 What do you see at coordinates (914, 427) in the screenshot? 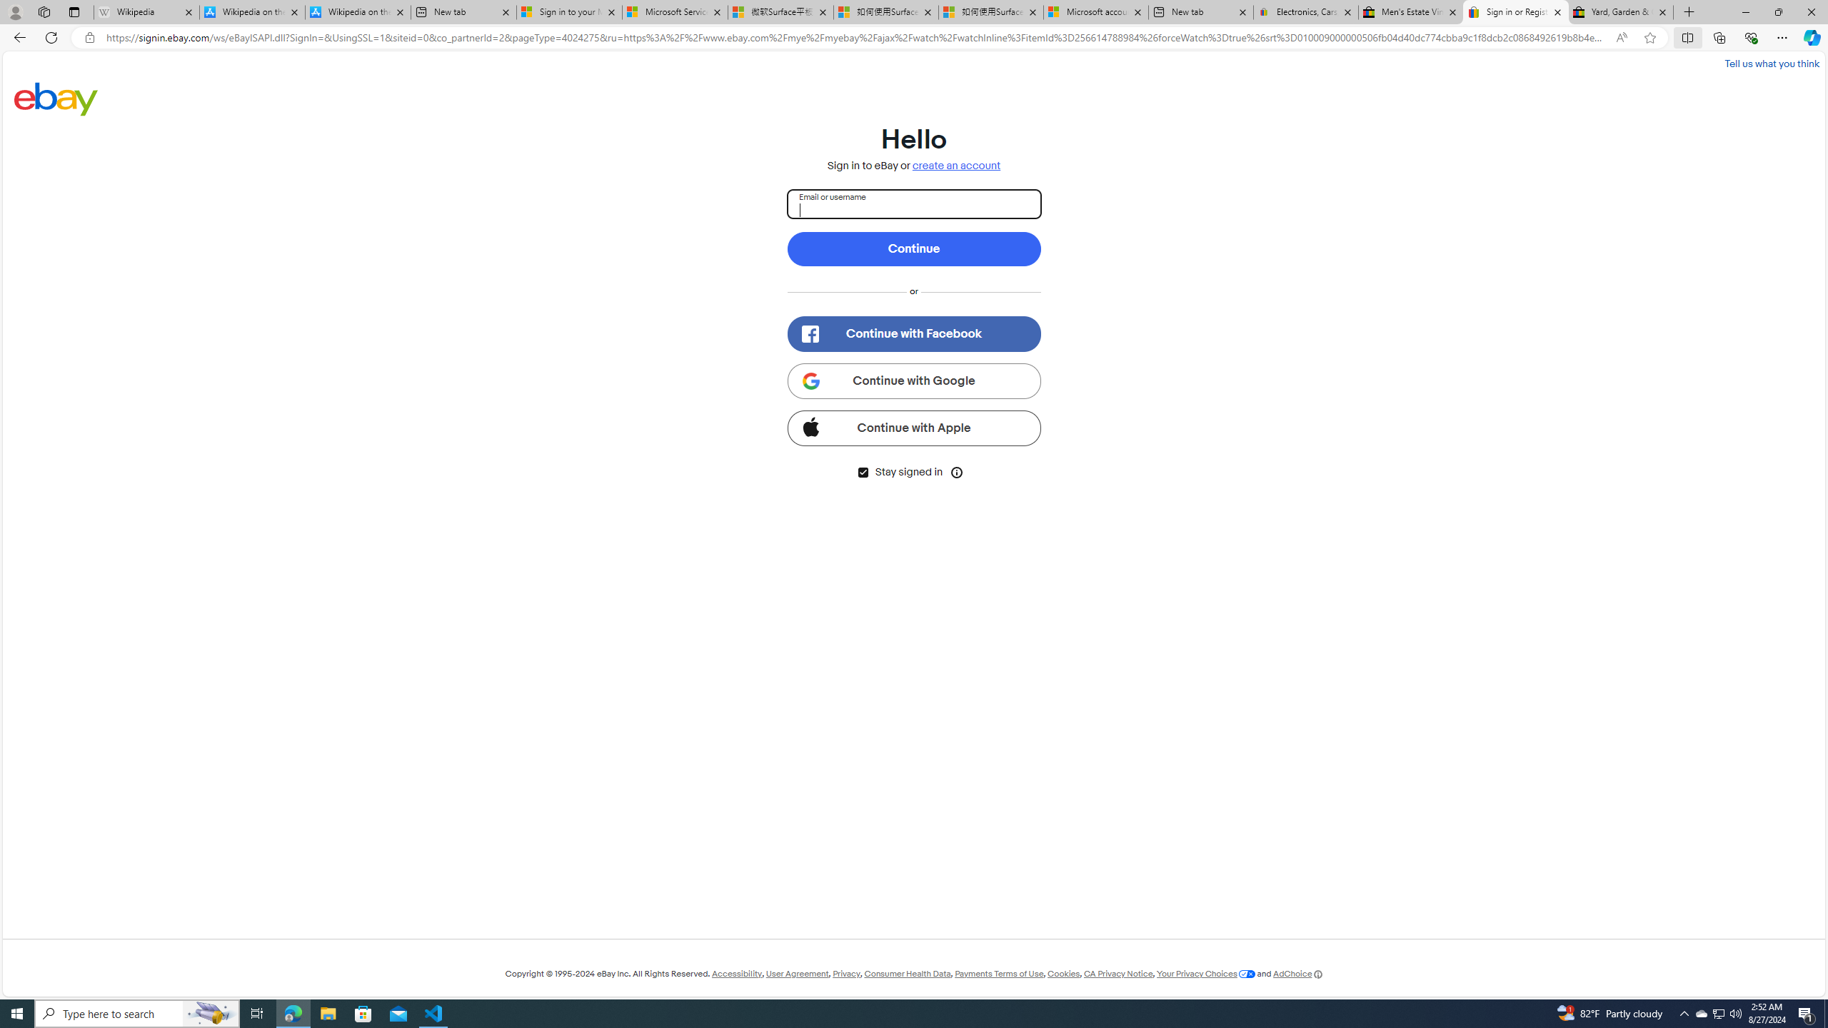
I see `'Continue with Apple'` at bounding box center [914, 427].